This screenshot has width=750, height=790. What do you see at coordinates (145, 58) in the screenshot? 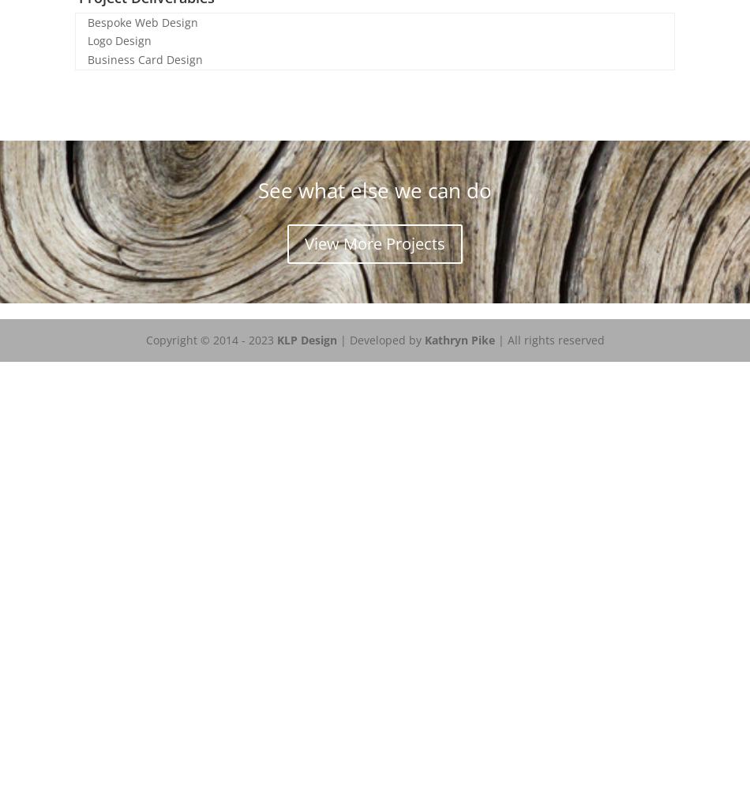
I see `'Business Card Design'` at bounding box center [145, 58].